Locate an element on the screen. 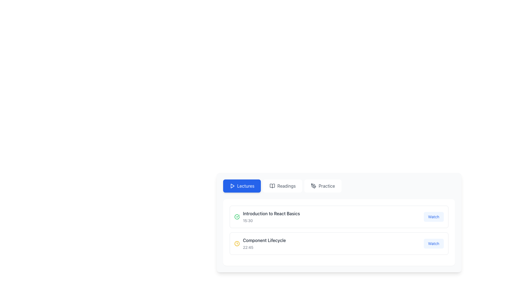 Image resolution: width=525 pixels, height=295 pixels. the 'Watch' button with a light blue background located at the bottom right of the 'Component Lifecycle' section is located at coordinates (433, 243).